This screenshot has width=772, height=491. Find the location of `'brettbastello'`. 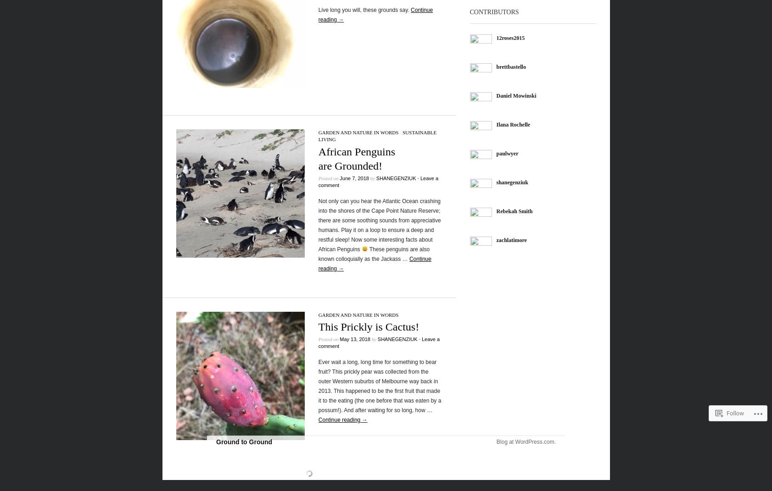

'brettbastello' is located at coordinates (510, 66).